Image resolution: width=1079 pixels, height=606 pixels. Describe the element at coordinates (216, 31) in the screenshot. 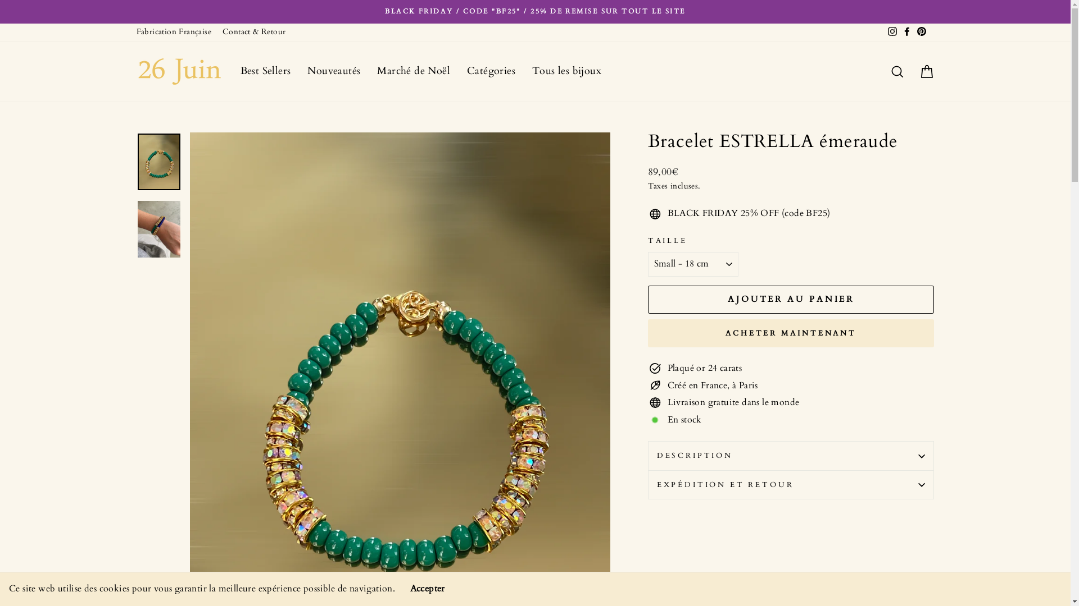

I see `'Contact & Retour'` at that location.